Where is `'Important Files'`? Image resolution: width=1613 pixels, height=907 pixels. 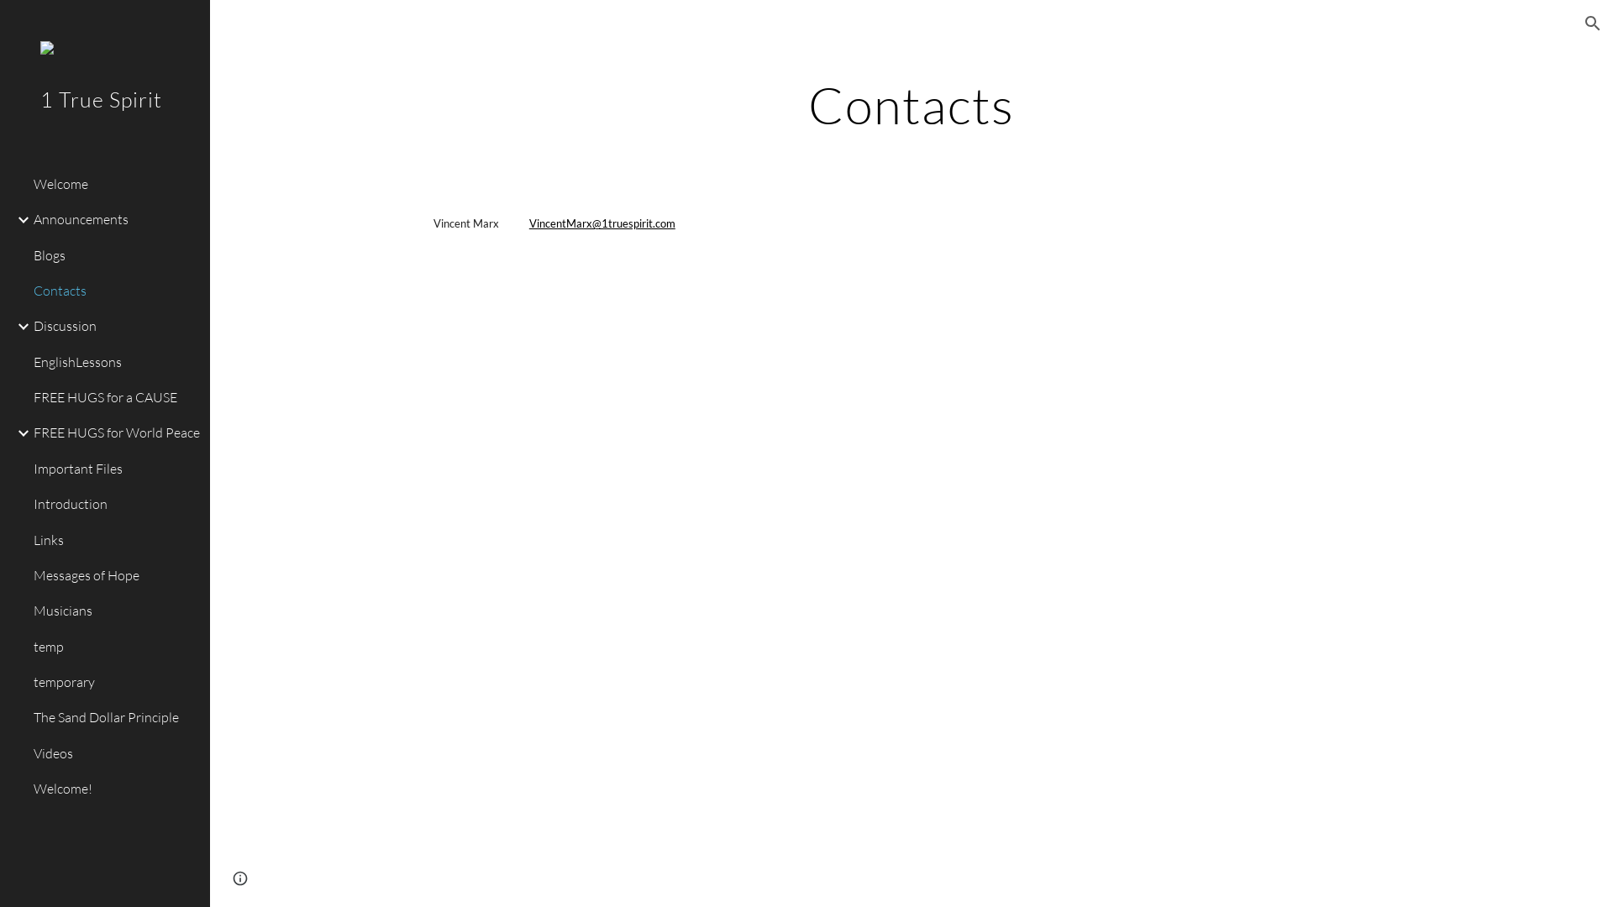 'Important Files' is located at coordinates (114, 469).